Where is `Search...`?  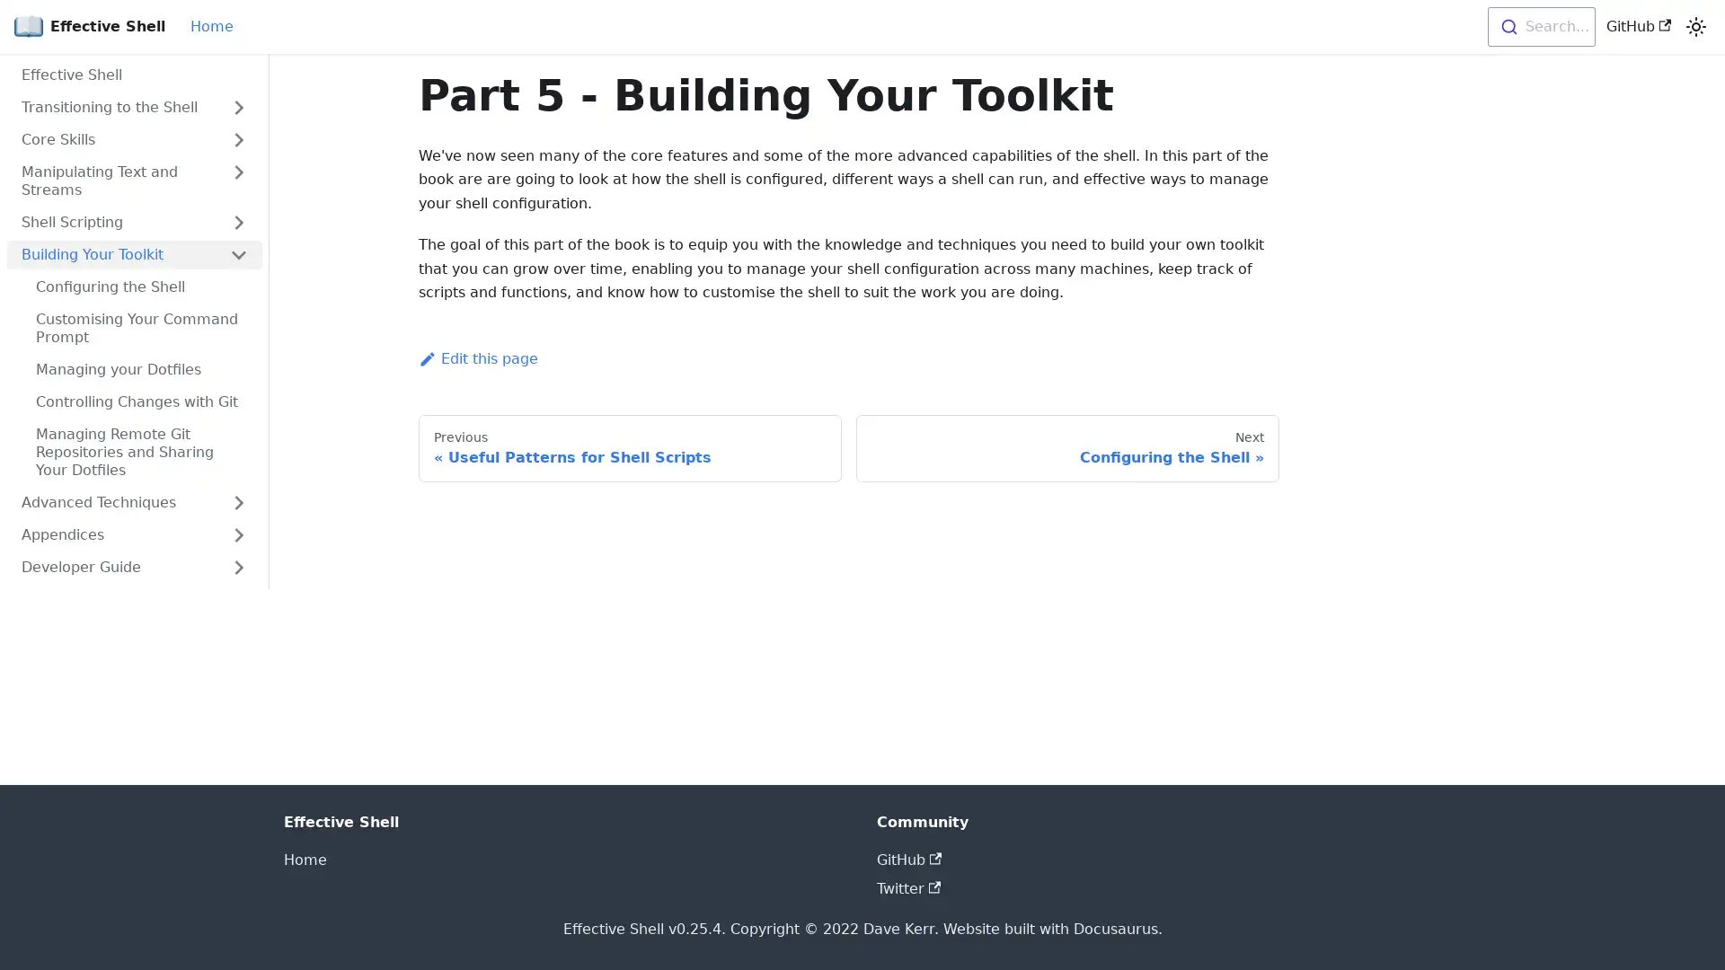 Search... is located at coordinates (1539, 27).